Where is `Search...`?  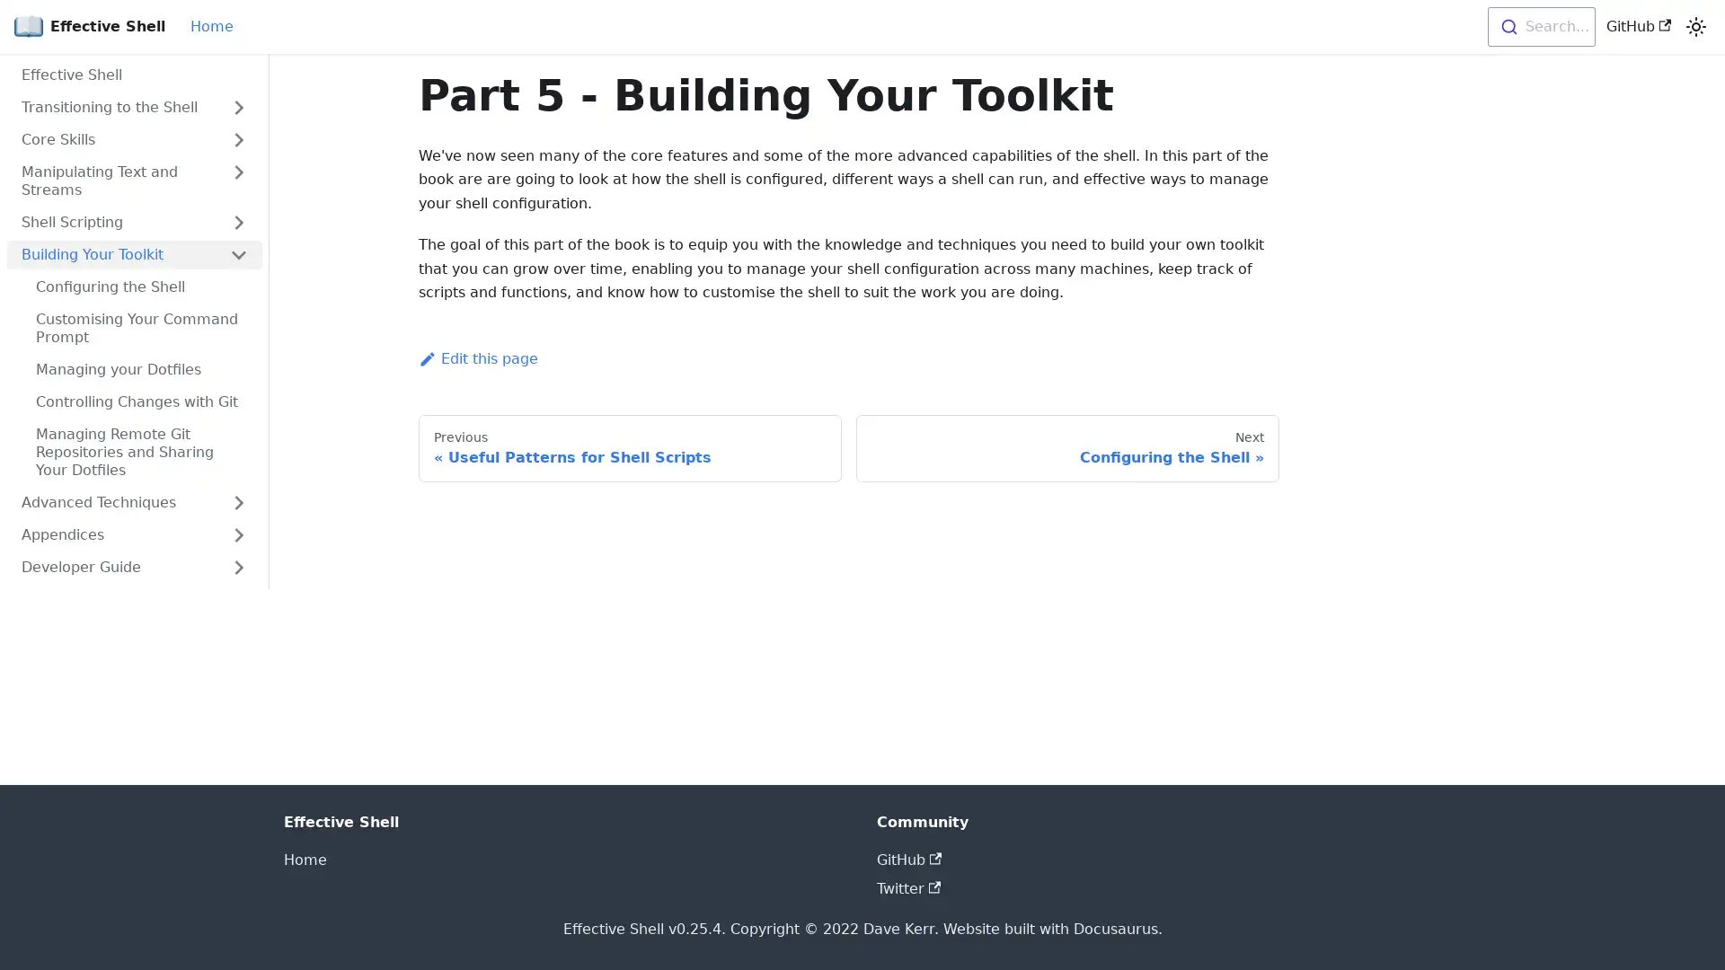 Search... is located at coordinates (1539, 27).